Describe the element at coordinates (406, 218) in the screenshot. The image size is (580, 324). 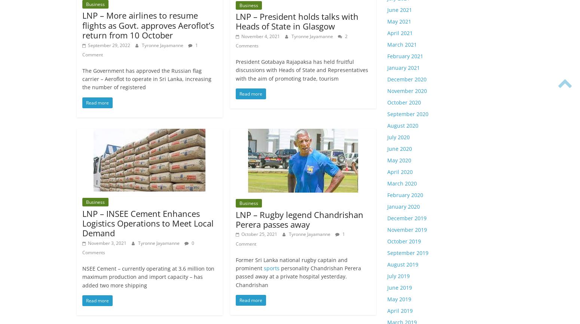
I see `'December 2019'` at that location.